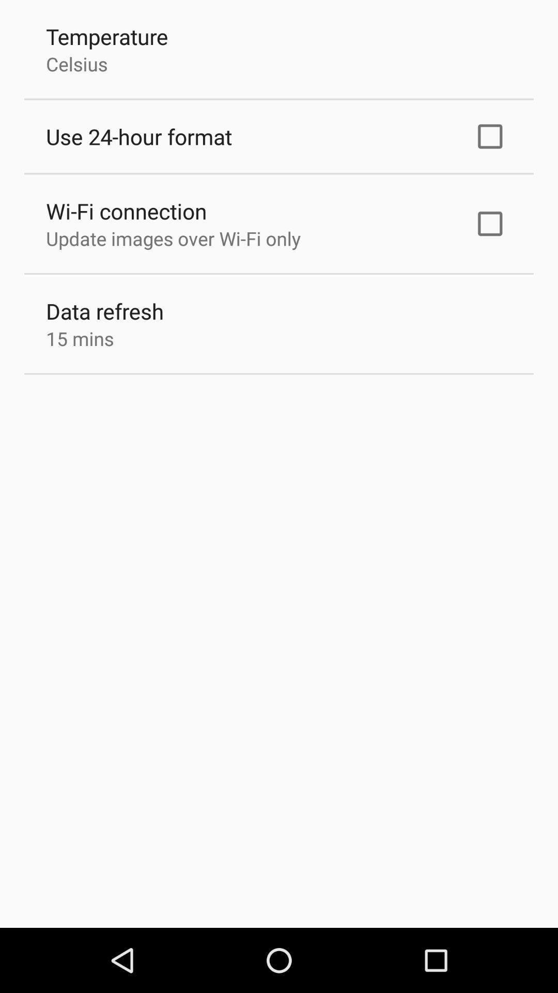  I want to click on icon below the wi-fi connection icon, so click(173, 238).